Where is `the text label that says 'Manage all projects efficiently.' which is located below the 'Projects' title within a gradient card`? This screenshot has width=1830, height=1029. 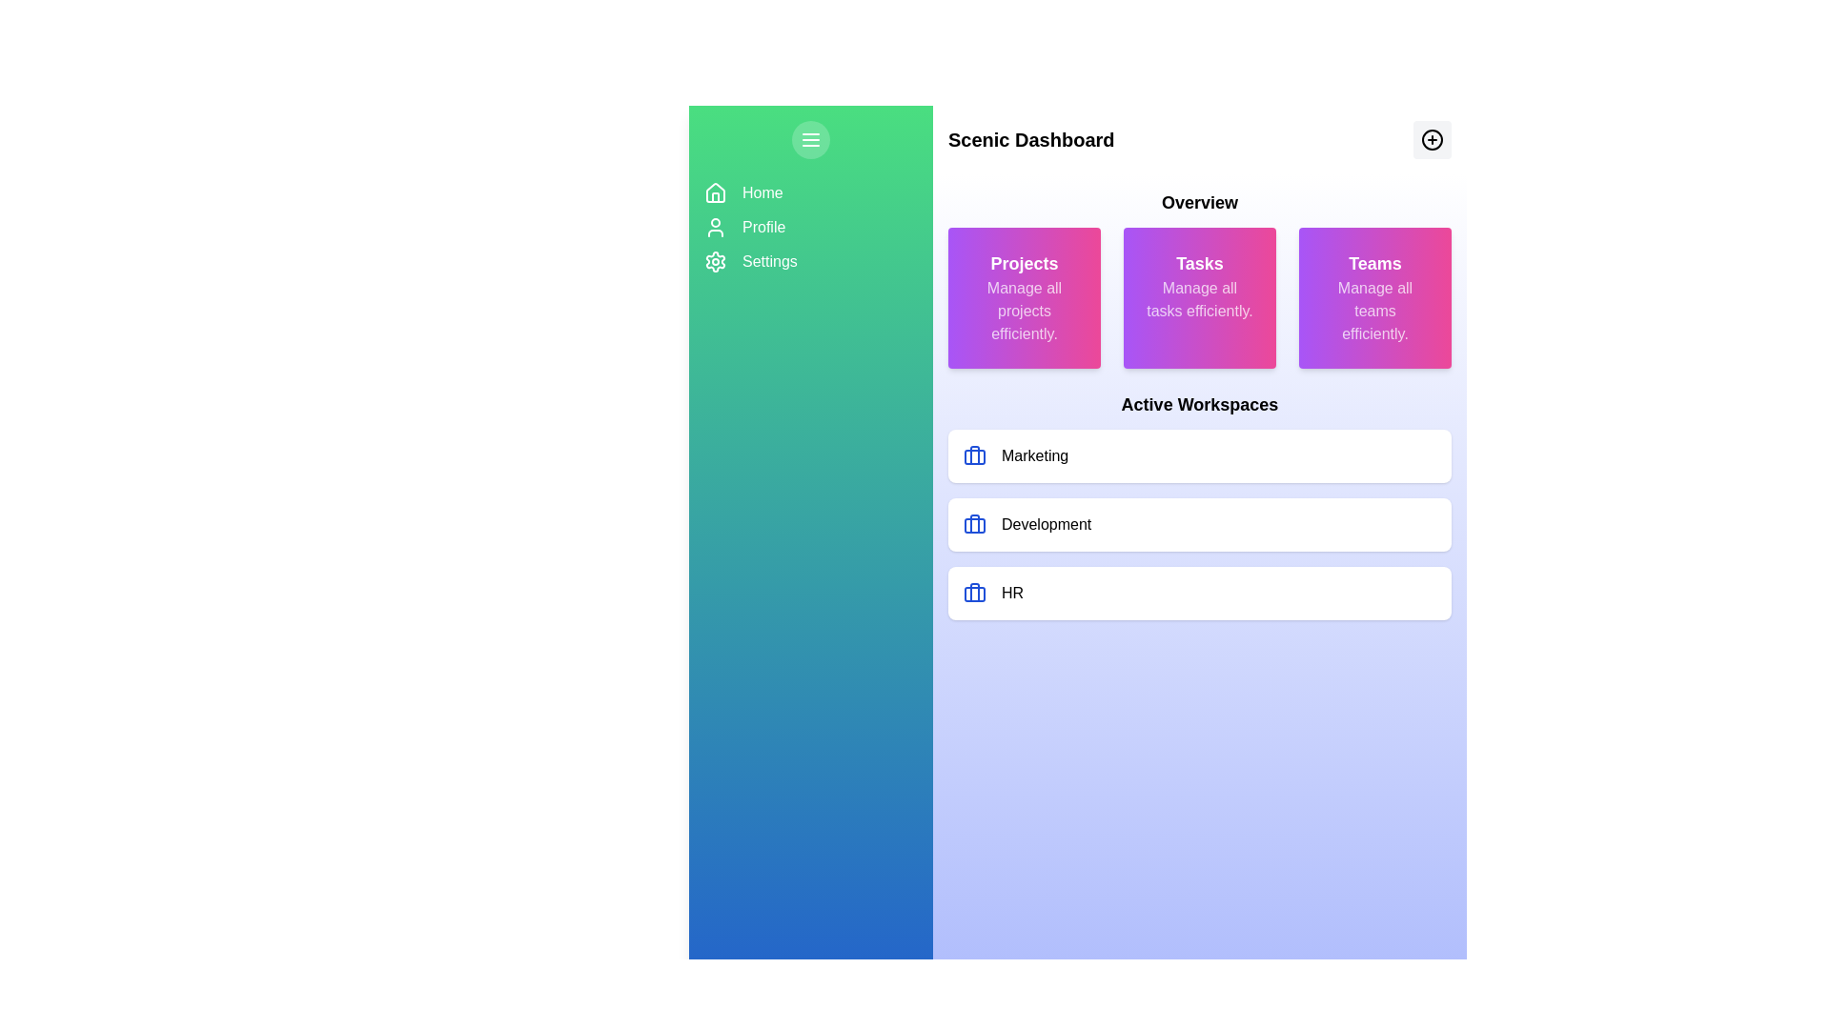 the text label that says 'Manage all projects efficiently.' which is located below the 'Projects' title within a gradient card is located at coordinates (1024, 311).